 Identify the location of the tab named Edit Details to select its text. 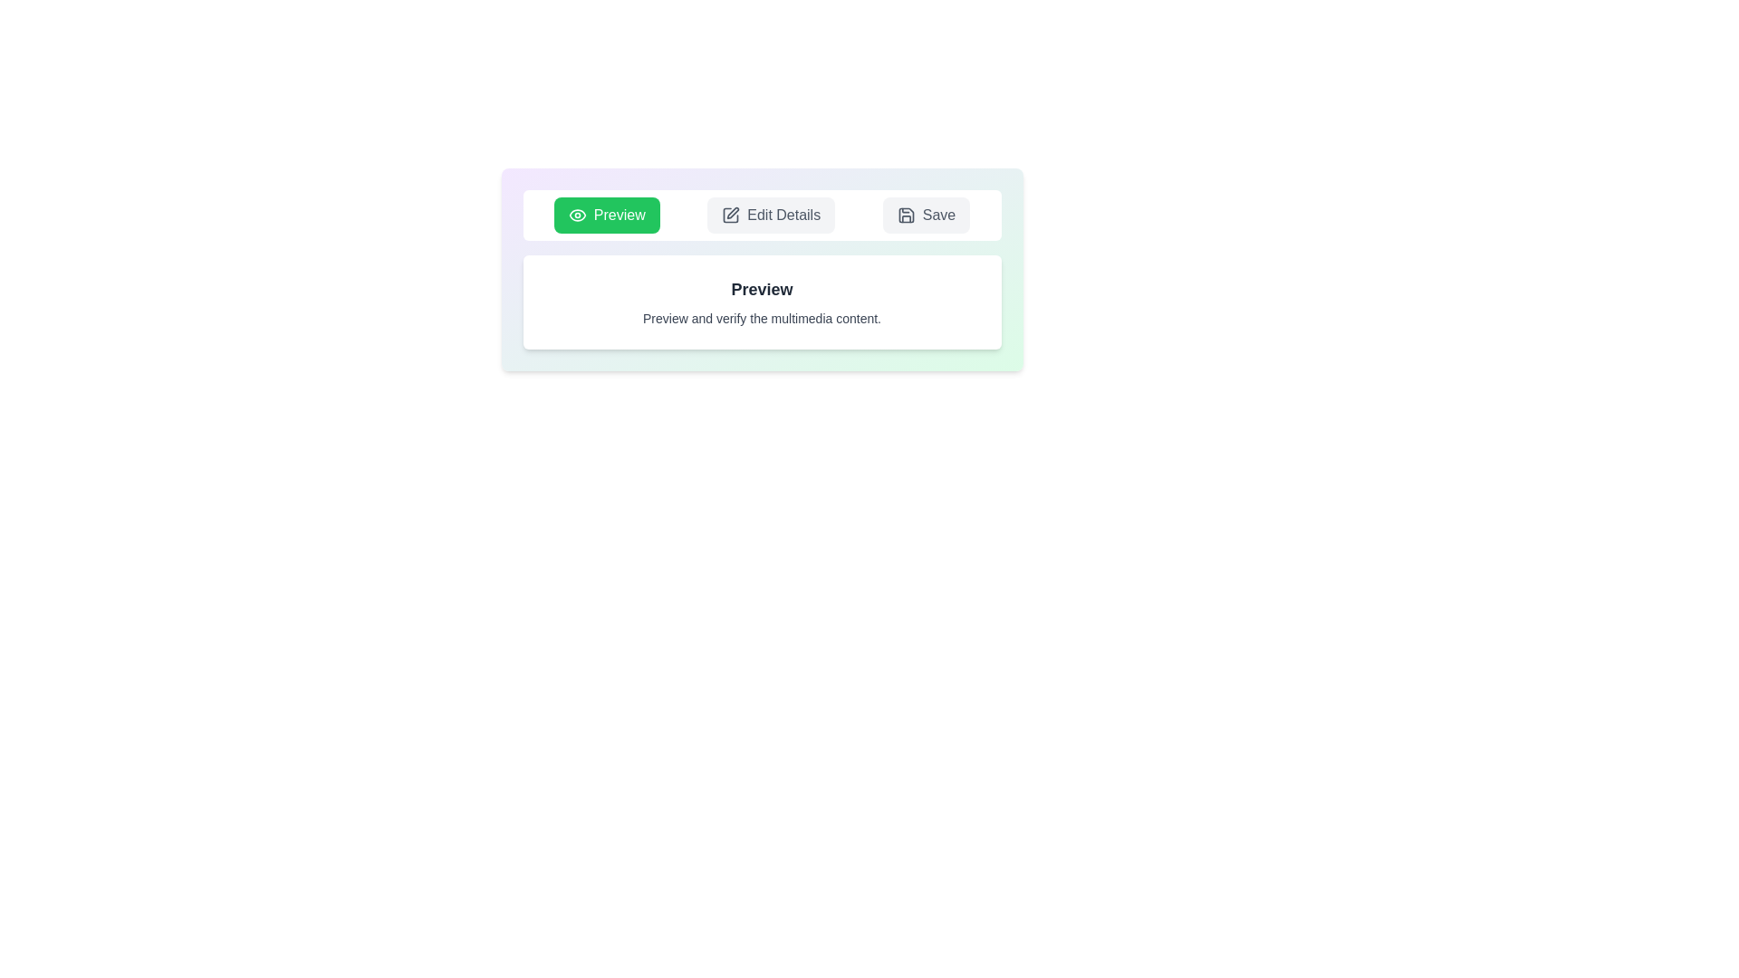
(771, 215).